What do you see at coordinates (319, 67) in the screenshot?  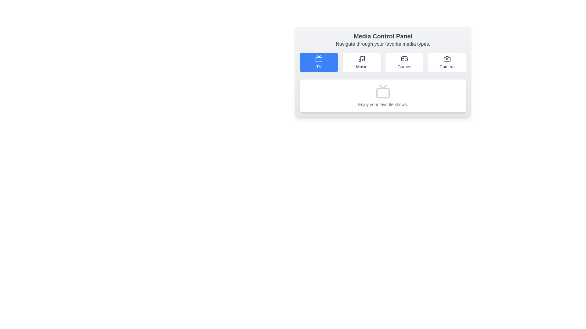 I see `the text label displaying 'TV', which is positioned below a television icon within a rounded rectangular blue button at the leftmost position of a row of category buttons` at bounding box center [319, 67].